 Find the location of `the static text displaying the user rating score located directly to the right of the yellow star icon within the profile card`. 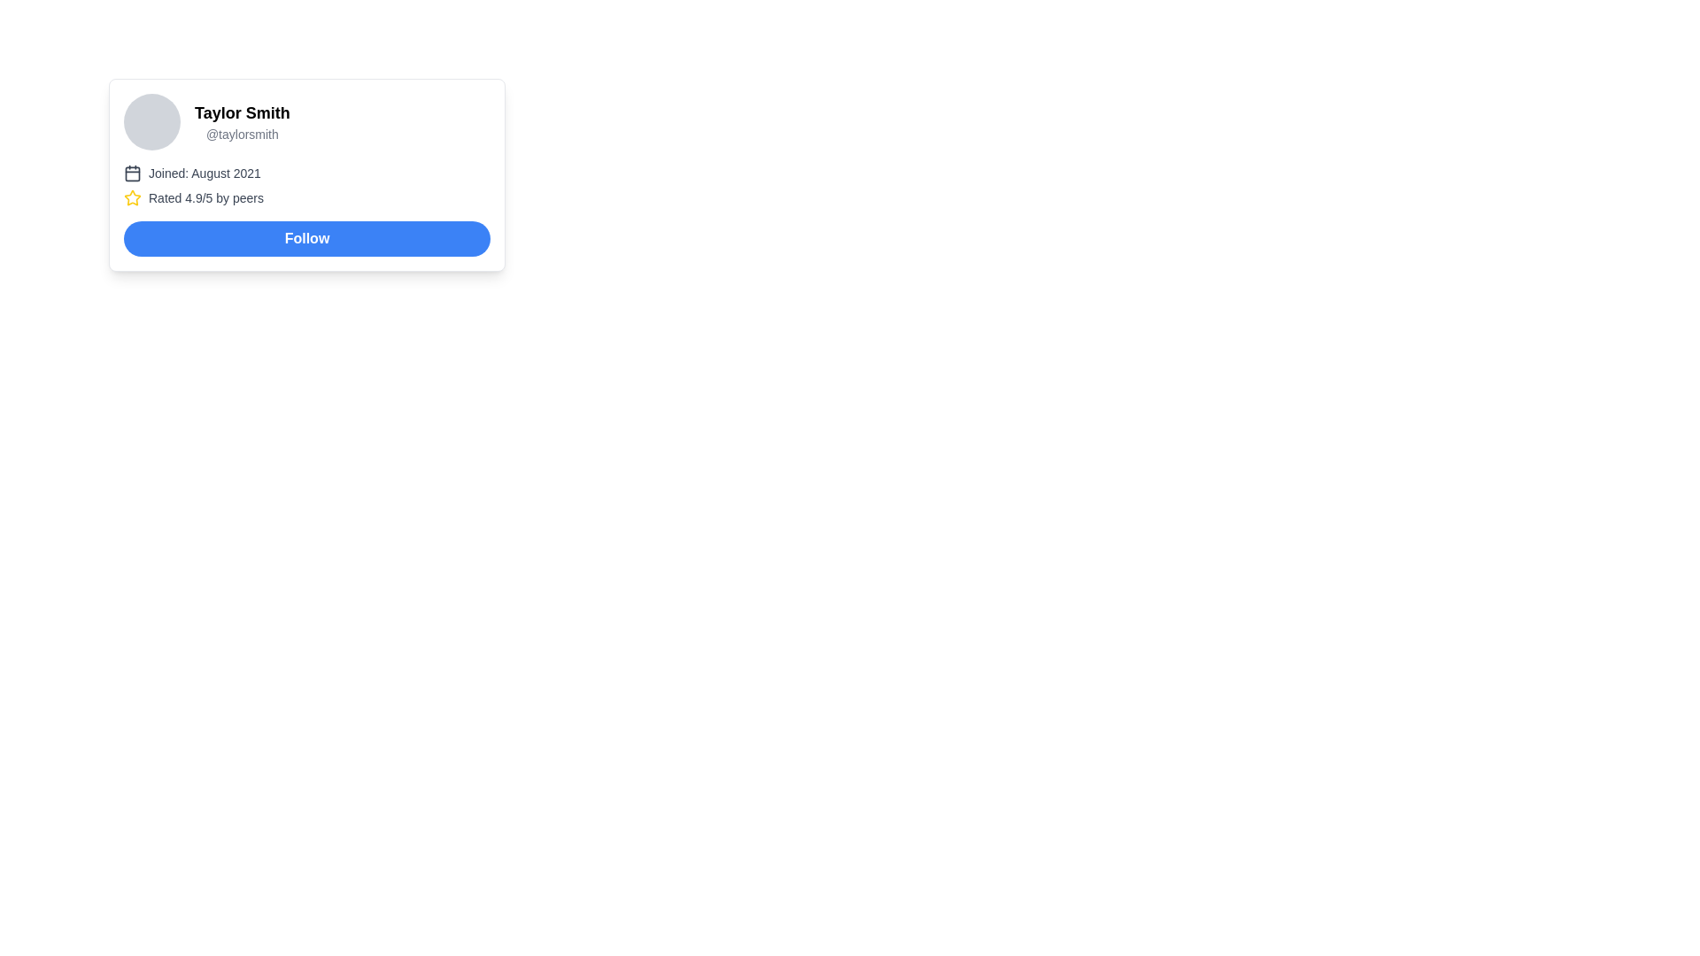

the static text displaying the user rating score located directly to the right of the yellow star icon within the profile card is located at coordinates (205, 197).